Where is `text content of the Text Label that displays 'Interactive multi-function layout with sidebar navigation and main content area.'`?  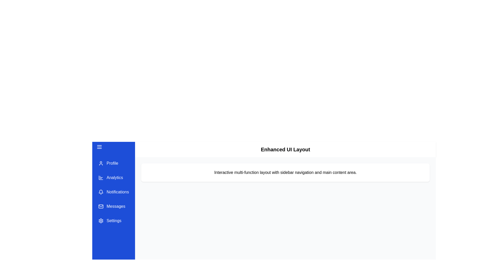
text content of the Text Label that displays 'Interactive multi-function layout with sidebar navigation and main content area.' is located at coordinates (285, 172).